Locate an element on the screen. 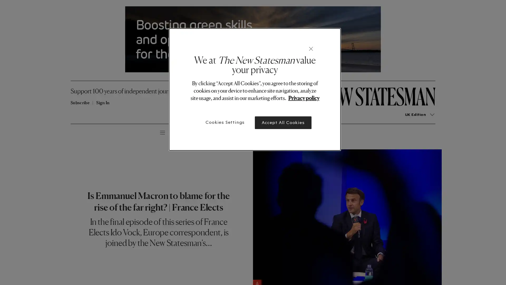 The width and height of the screenshot is (506, 285). Search is located at coordinates (107, 132).